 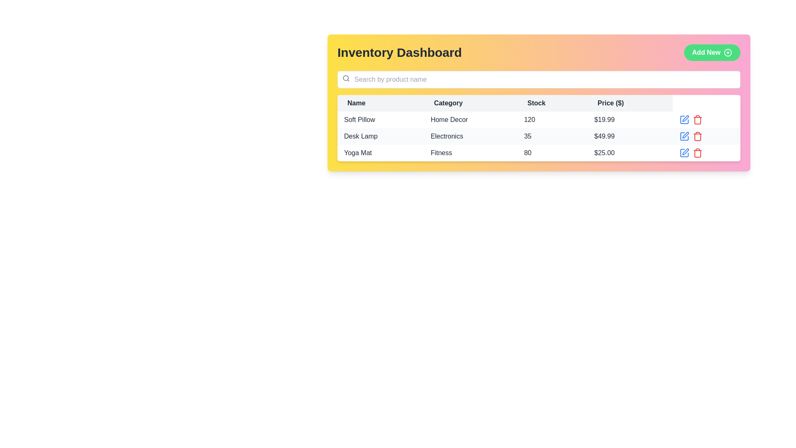 I want to click on the magnifying glass icon located inside the search bar of the 'Inventory Dashboard', positioned to the left of the input field placeholder text, so click(x=346, y=78).